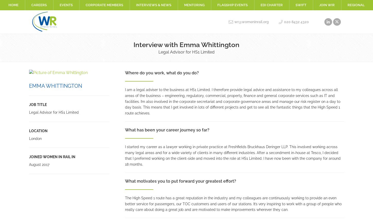 The image size is (373, 223). What do you see at coordinates (39, 164) in the screenshot?
I see `'August 2017'` at bounding box center [39, 164].